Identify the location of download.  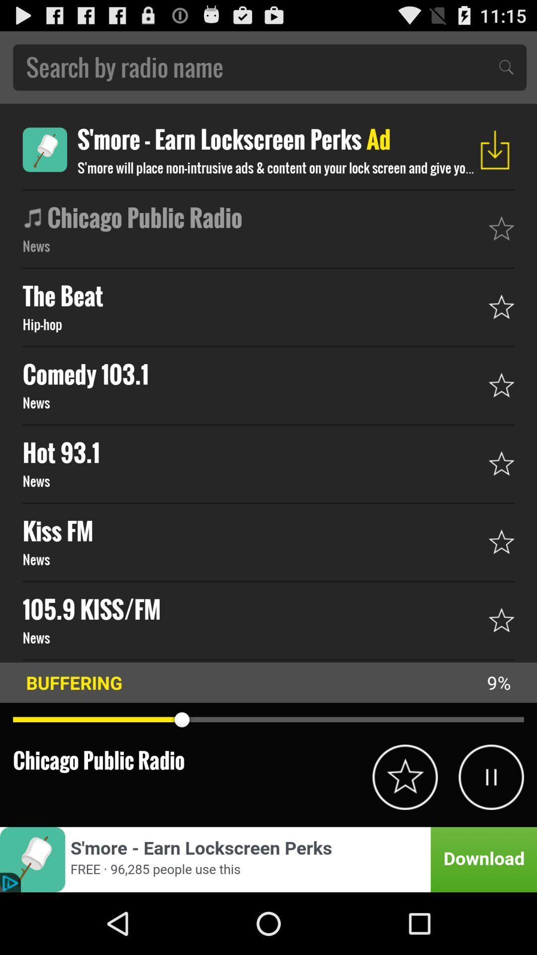
(495, 149).